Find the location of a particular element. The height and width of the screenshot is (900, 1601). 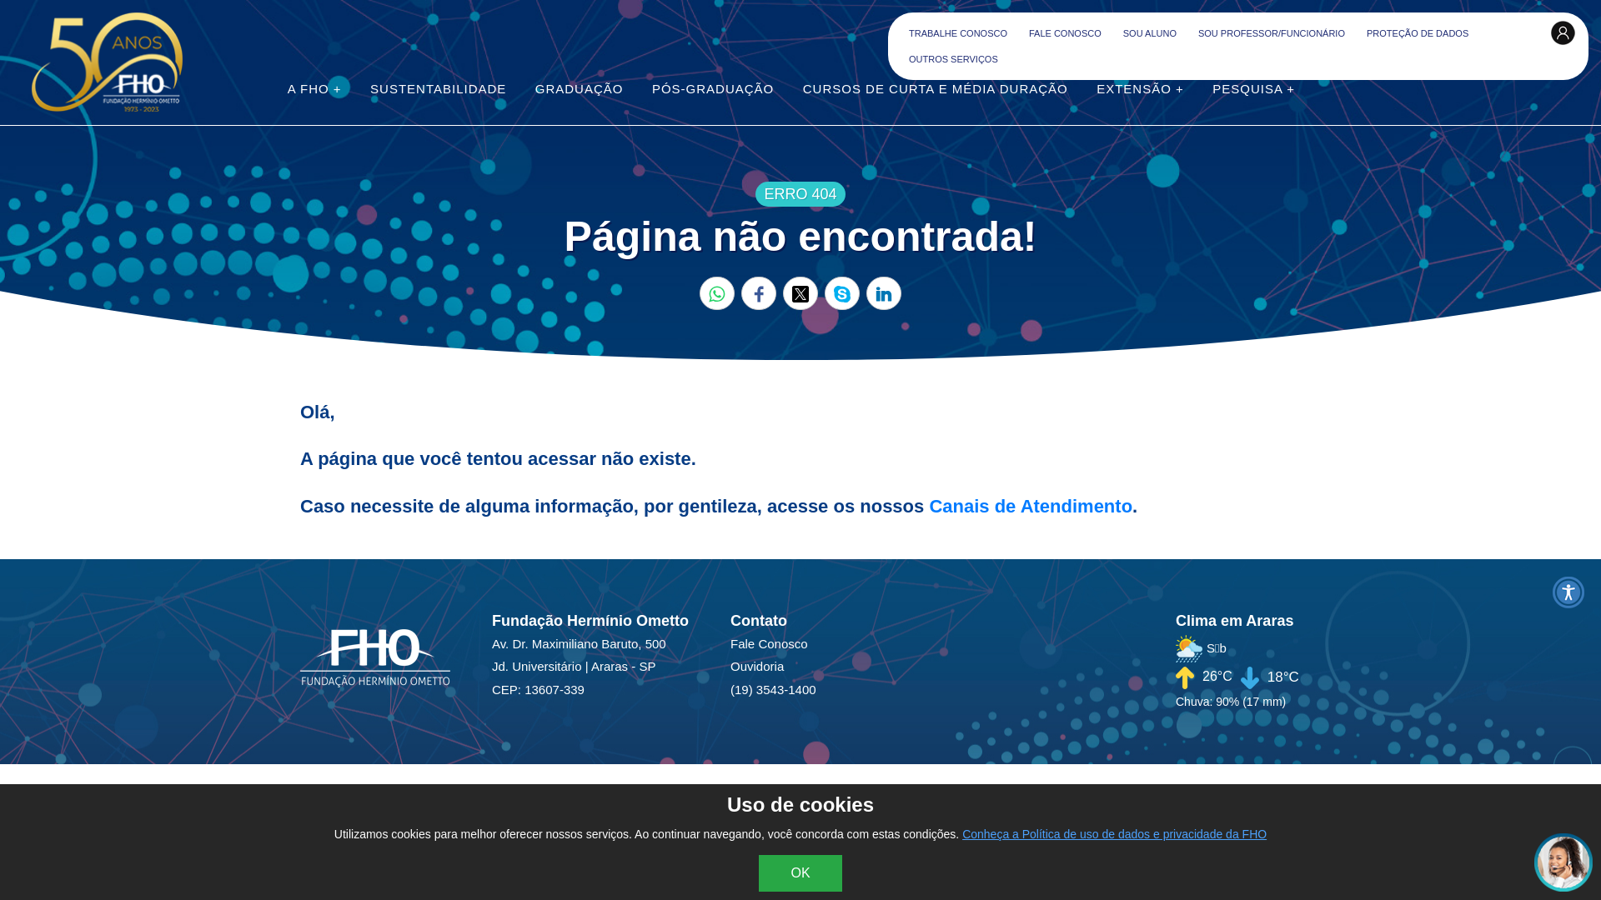

'Fale Conosco' is located at coordinates (775, 642).